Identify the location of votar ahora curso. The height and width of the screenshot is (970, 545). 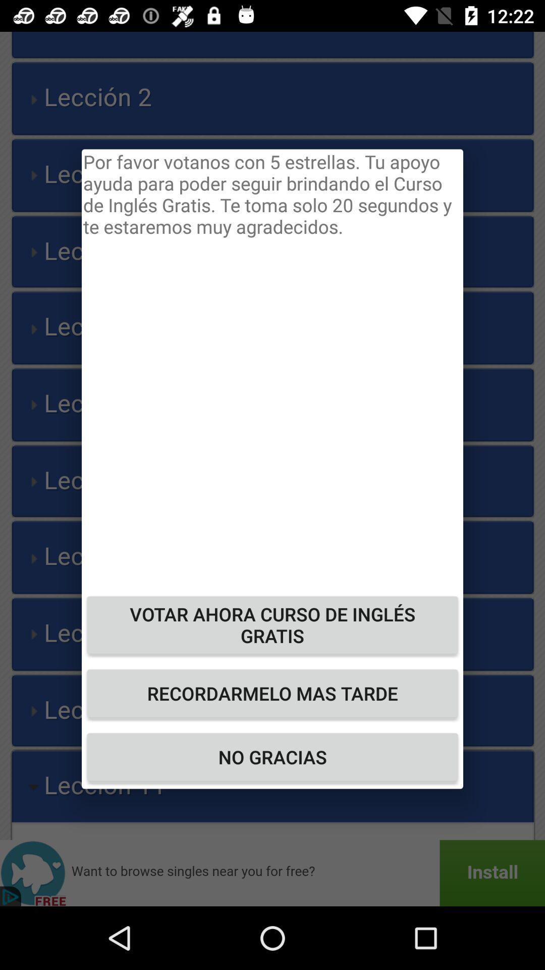
(272, 624).